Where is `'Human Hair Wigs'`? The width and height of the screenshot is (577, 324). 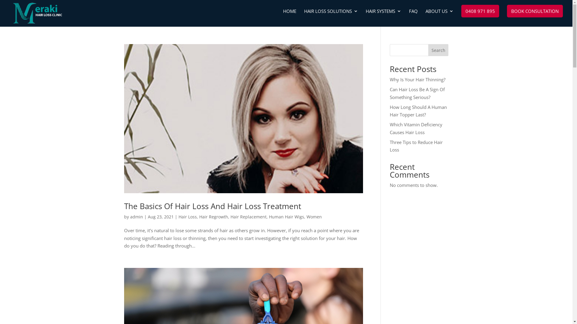
'Human Hair Wigs' is located at coordinates (286, 217).